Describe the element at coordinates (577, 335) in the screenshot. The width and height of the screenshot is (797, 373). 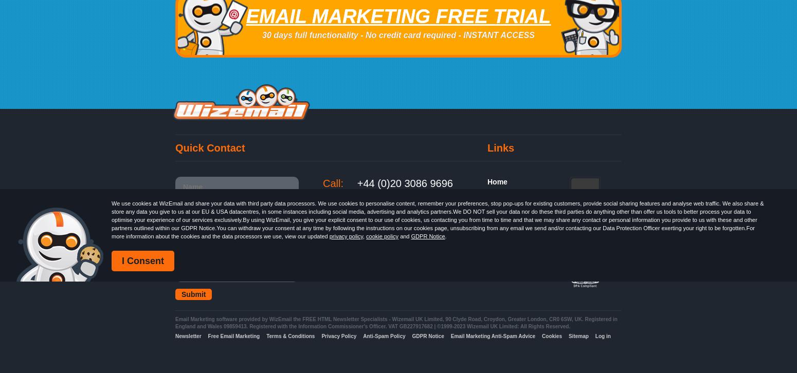
I see `'Sitemap'` at that location.